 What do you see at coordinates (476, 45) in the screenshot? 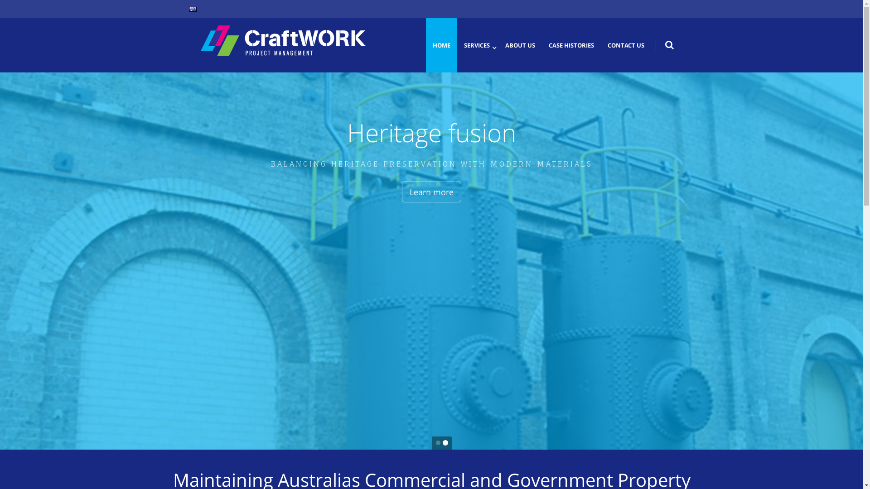
I see `'SERVICES'` at bounding box center [476, 45].